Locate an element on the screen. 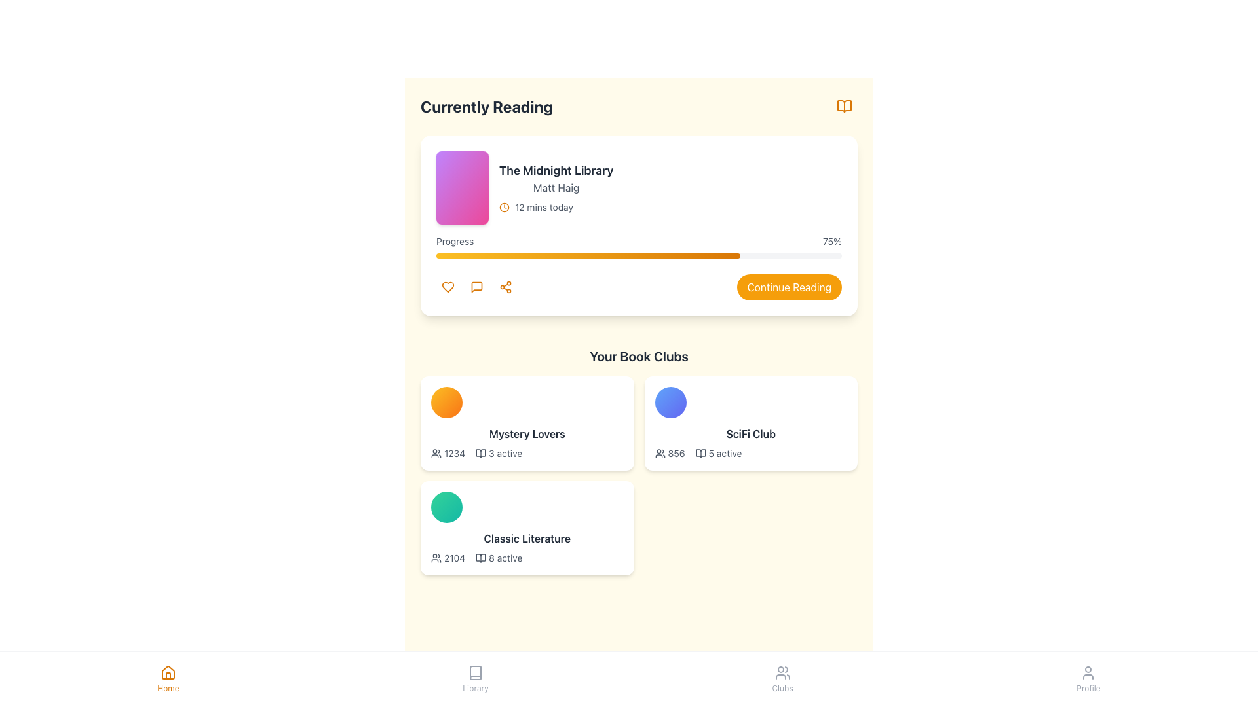 Image resolution: width=1258 pixels, height=707 pixels. the 'Profile' navigation button located at the far right of the bottom navigation bar to change its color is located at coordinates (1088, 678).